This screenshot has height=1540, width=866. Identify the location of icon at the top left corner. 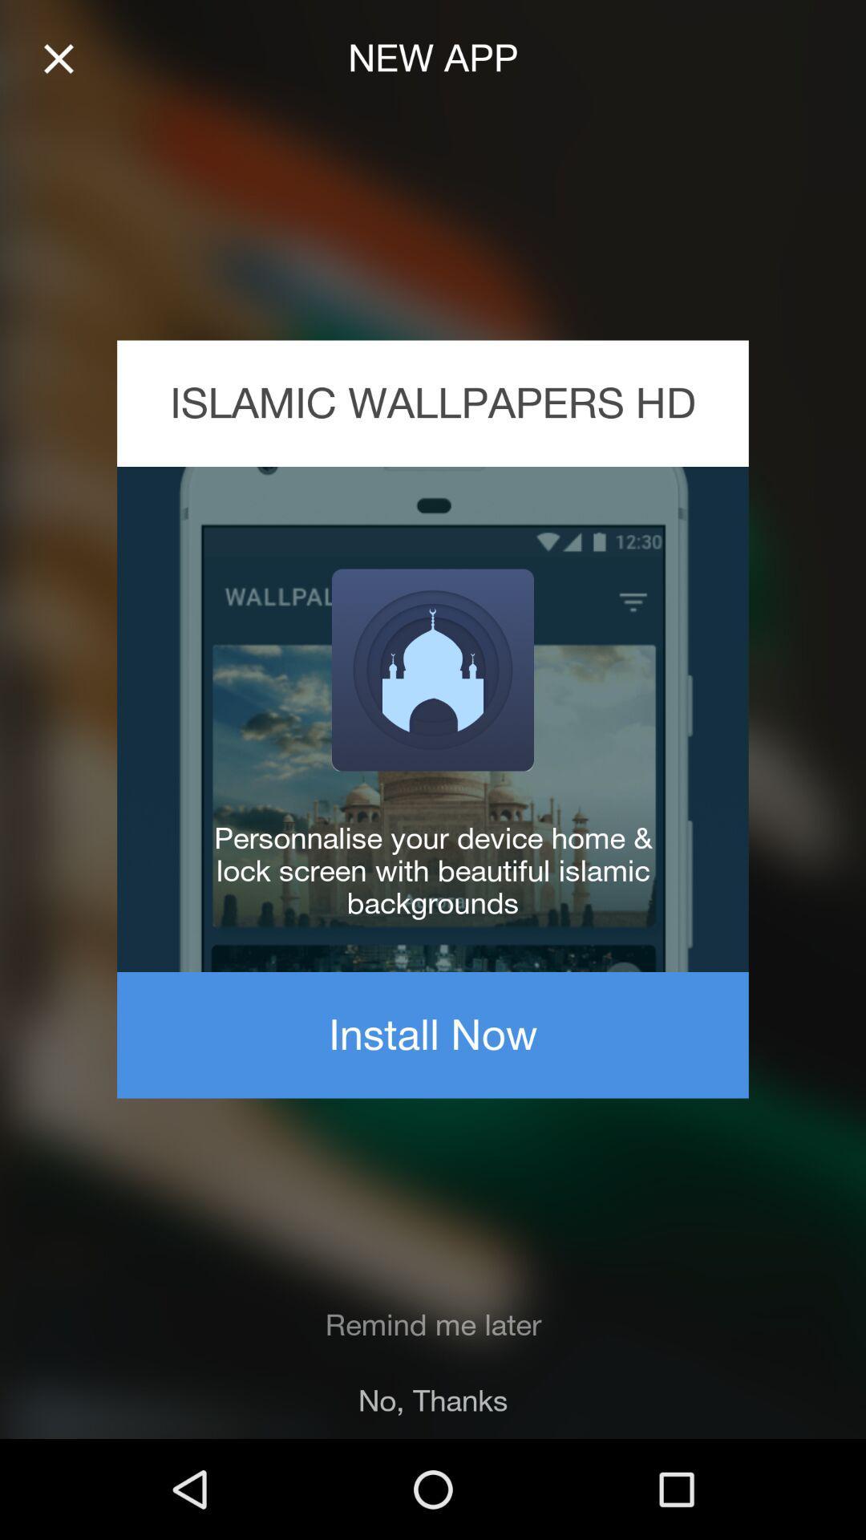
(58, 59).